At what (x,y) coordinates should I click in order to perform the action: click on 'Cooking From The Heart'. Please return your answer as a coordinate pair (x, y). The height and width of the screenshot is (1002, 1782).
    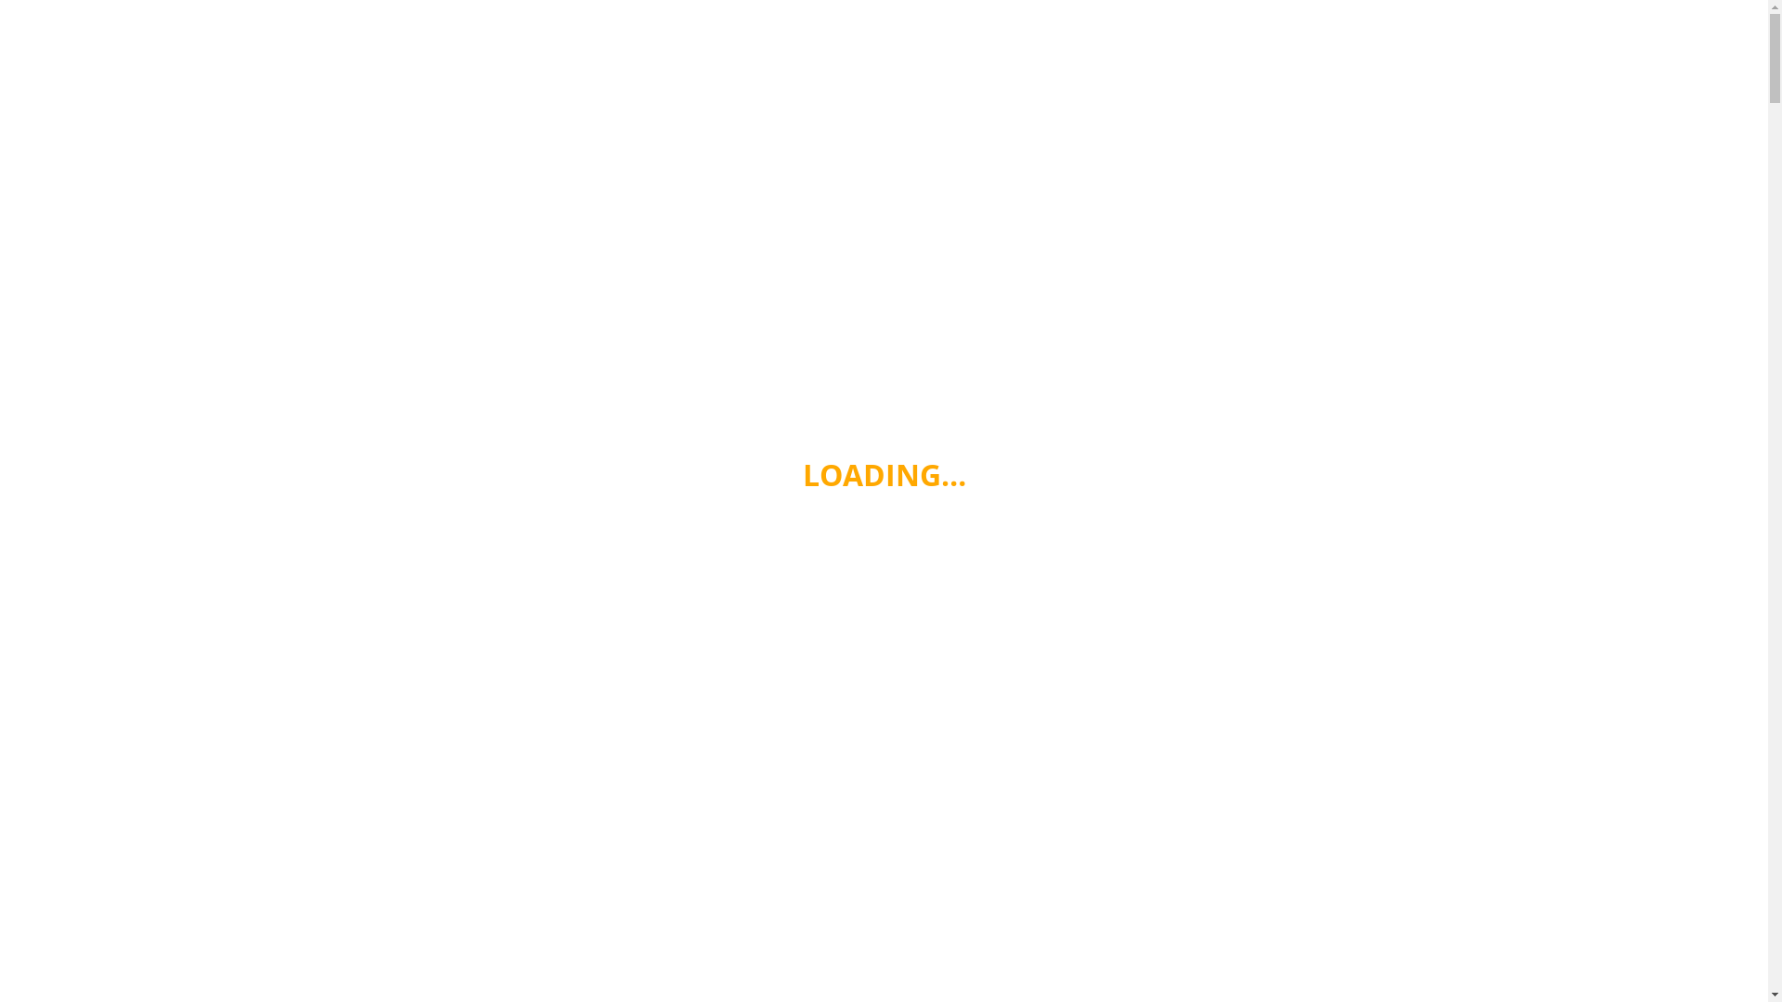
    Looking at the image, I should click on (422, 23).